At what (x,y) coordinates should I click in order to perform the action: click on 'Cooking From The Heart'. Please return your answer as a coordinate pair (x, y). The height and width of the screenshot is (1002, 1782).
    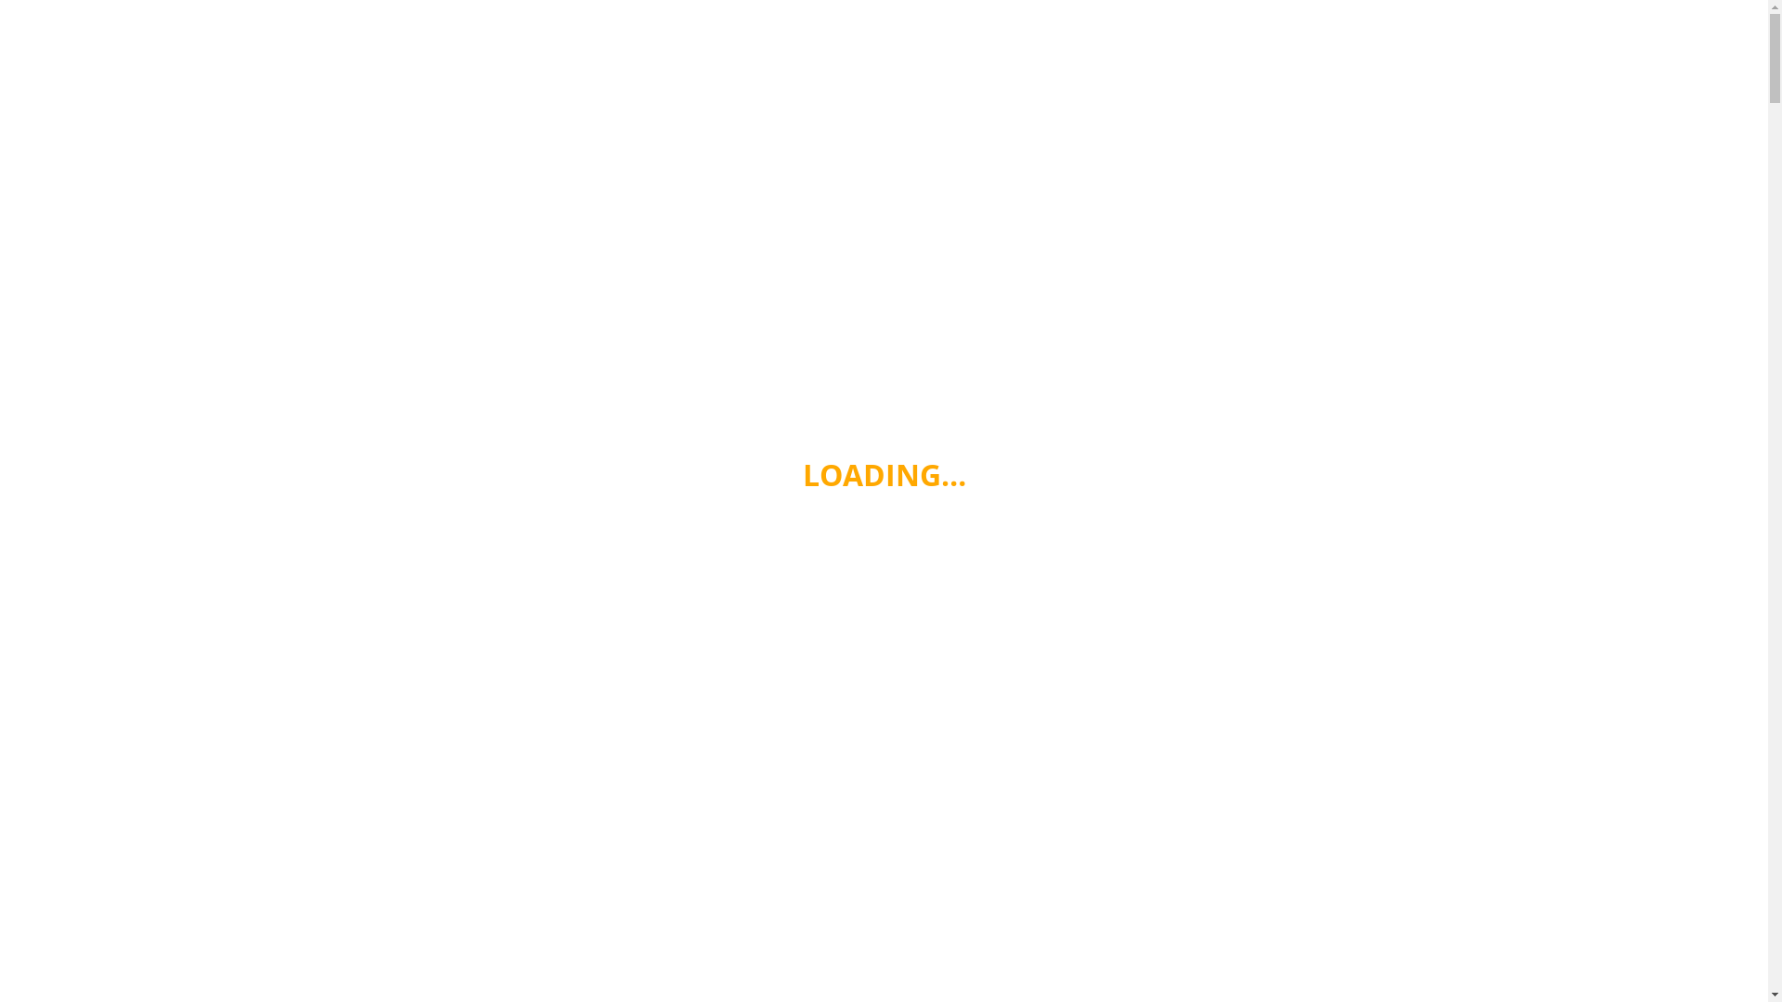
    Looking at the image, I should click on (422, 23).